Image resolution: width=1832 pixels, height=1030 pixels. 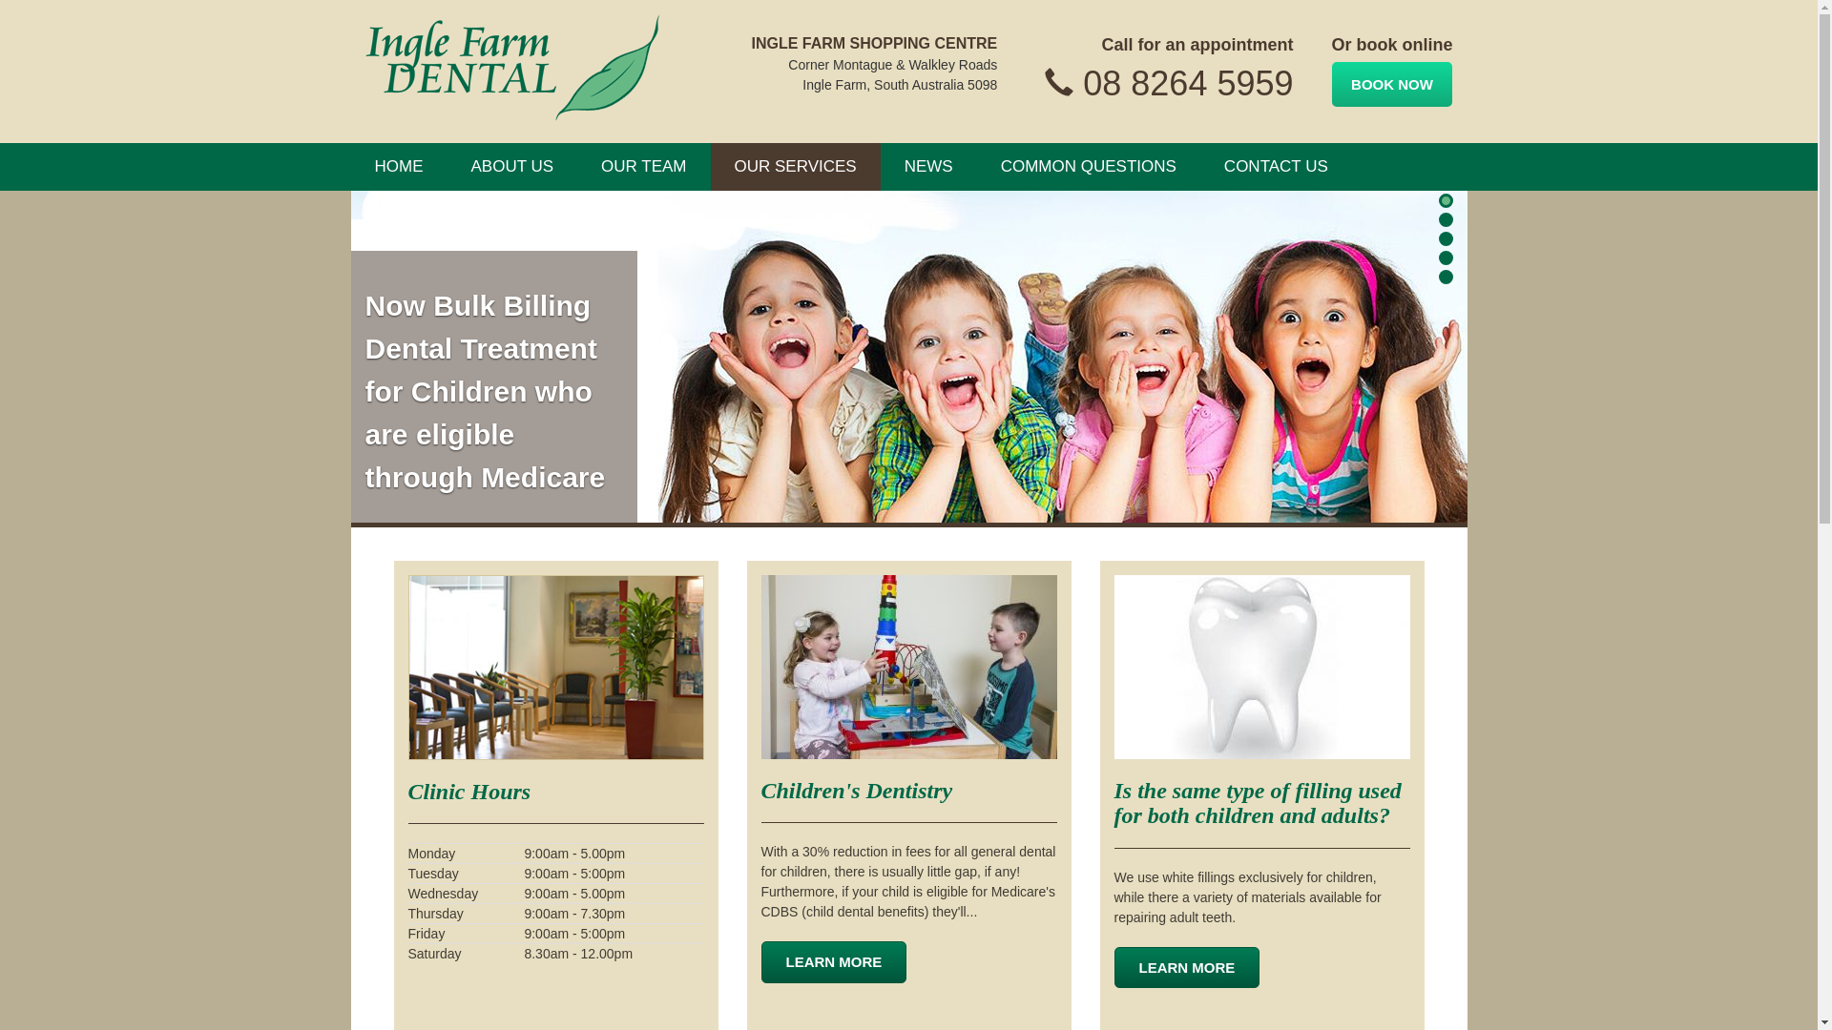 I want to click on 'OUR SERVICES', so click(x=796, y=165).